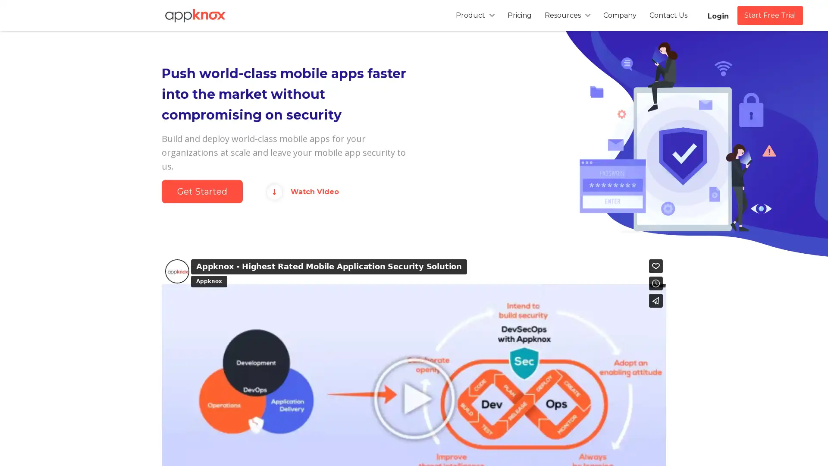 The width and height of the screenshot is (828, 466). What do you see at coordinates (525, 94) in the screenshot?
I see `Close` at bounding box center [525, 94].